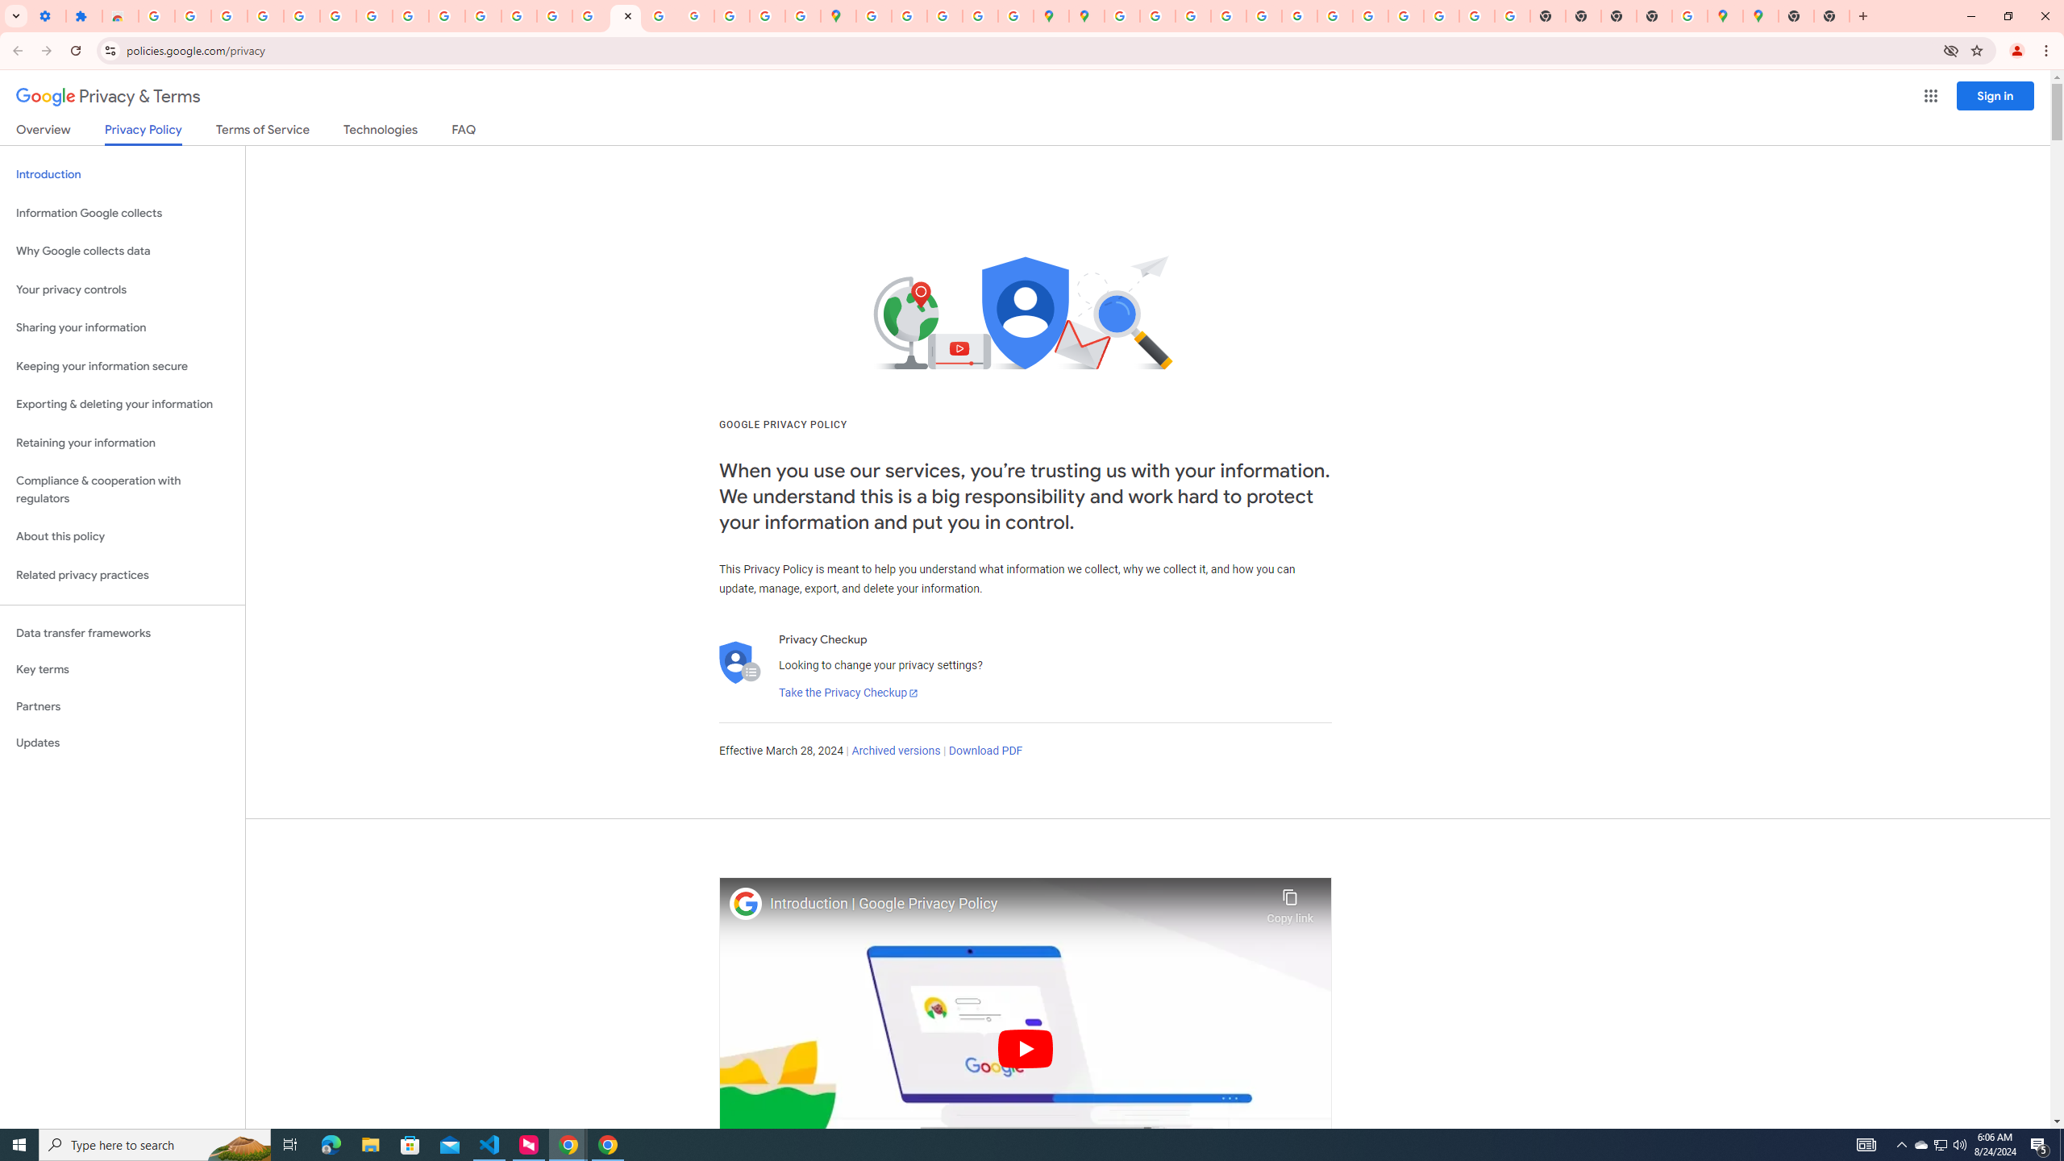  What do you see at coordinates (122, 367) in the screenshot?
I see `'Keeping your information secure'` at bounding box center [122, 367].